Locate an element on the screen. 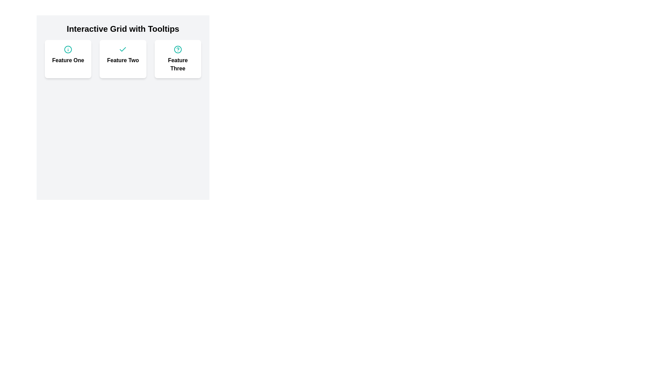 This screenshot has width=657, height=369. the Text Label that represents the title for the third feature, located in the center area below the icon within the third card is located at coordinates (178, 65).